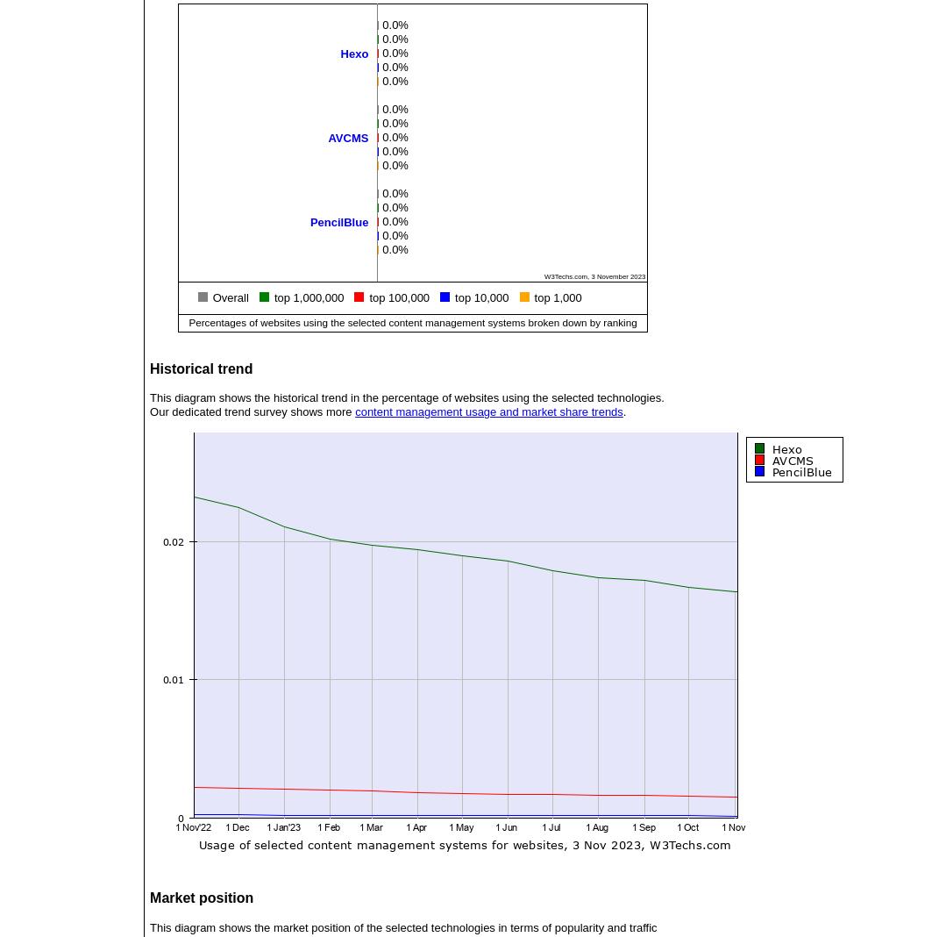 This screenshot has height=937, width=939. I want to click on 'content management usage and market share trends', so click(355, 411).